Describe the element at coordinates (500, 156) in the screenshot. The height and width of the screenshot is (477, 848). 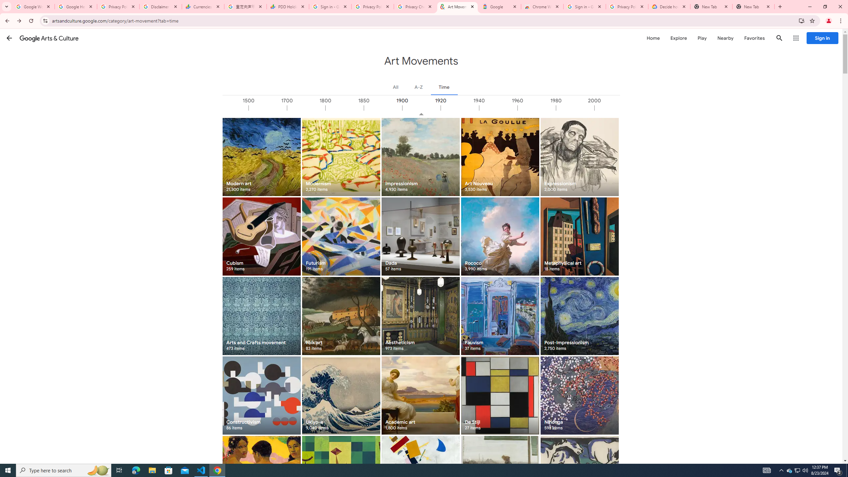
I see `'Art Nouveau 3,530 items'` at that location.